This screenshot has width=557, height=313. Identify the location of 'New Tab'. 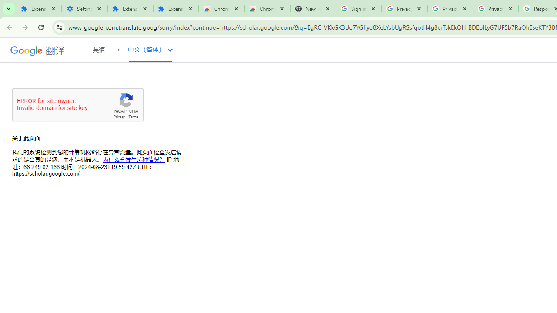
(313, 9).